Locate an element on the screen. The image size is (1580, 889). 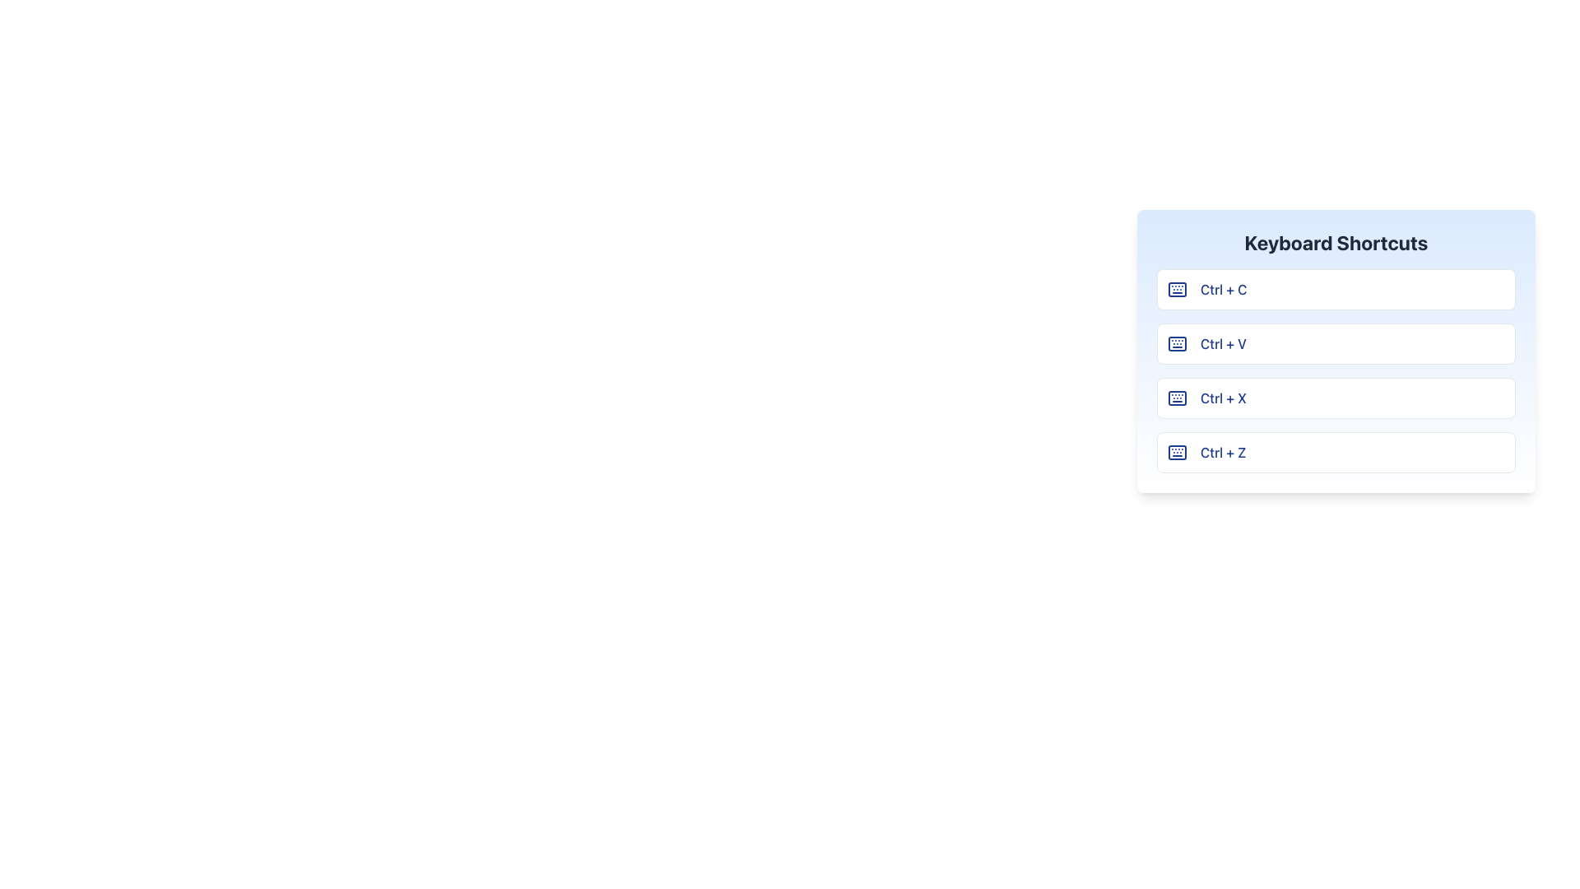
the text label displaying 'Ctrl + Z', which is styled with a medium font weight in blue and located in the bottom section of the 'Keyboard Shortcuts' panel, within a white rounded rectangular box is located at coordinates (1223, 453).